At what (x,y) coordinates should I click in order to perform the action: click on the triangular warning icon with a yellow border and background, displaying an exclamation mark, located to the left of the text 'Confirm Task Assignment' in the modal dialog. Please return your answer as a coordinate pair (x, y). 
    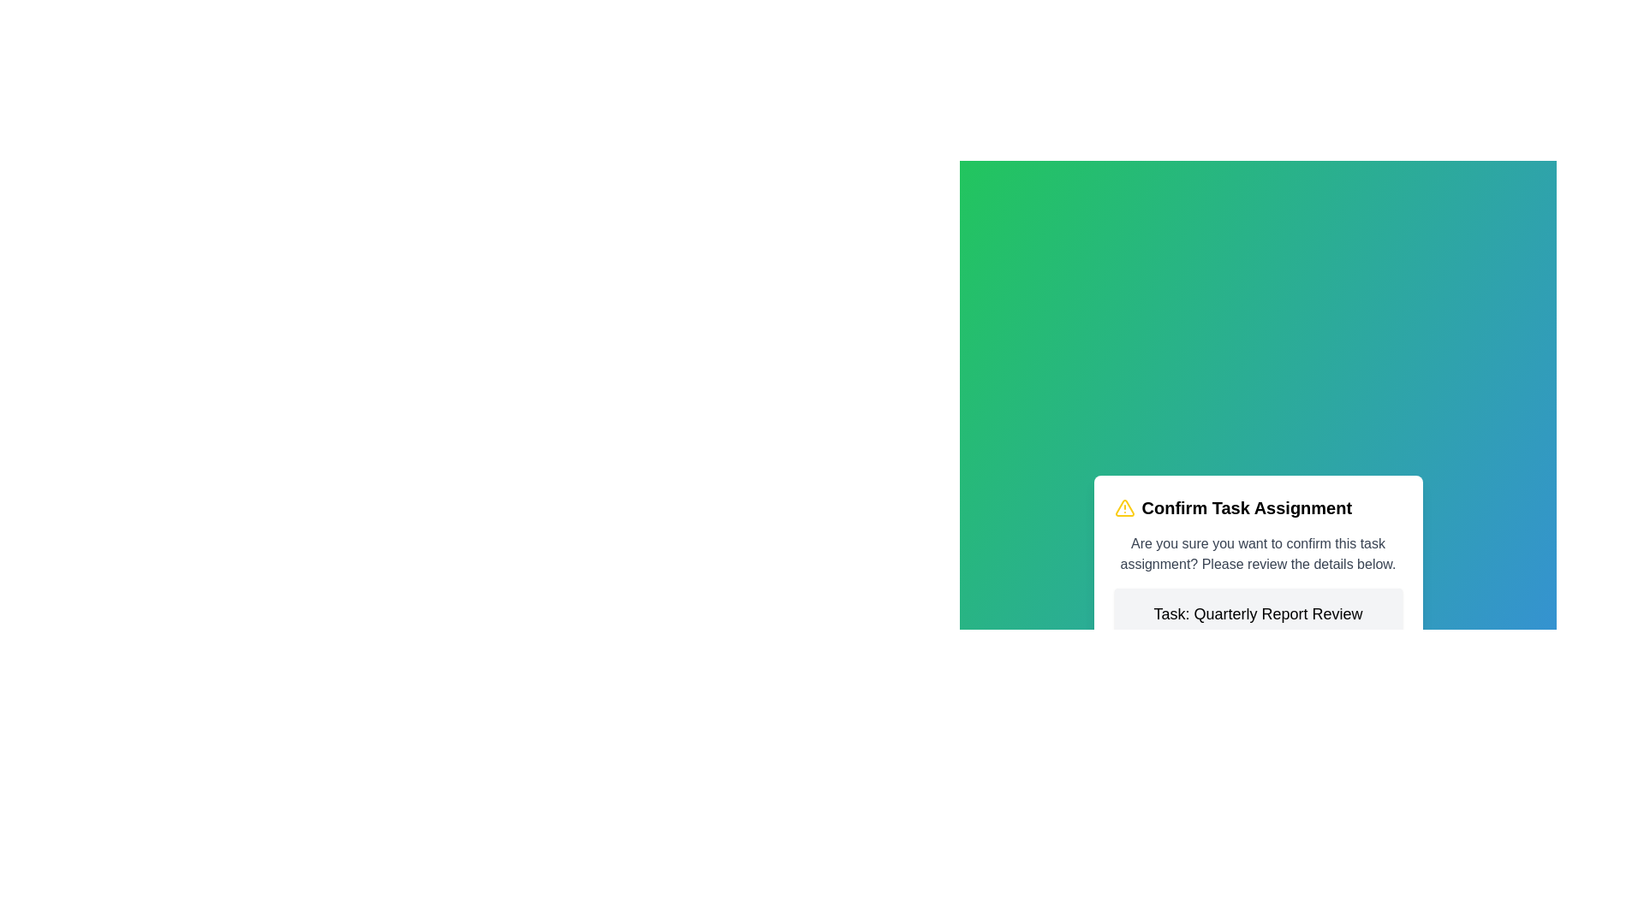
    Looking at the image, I should click on (1124, 507).